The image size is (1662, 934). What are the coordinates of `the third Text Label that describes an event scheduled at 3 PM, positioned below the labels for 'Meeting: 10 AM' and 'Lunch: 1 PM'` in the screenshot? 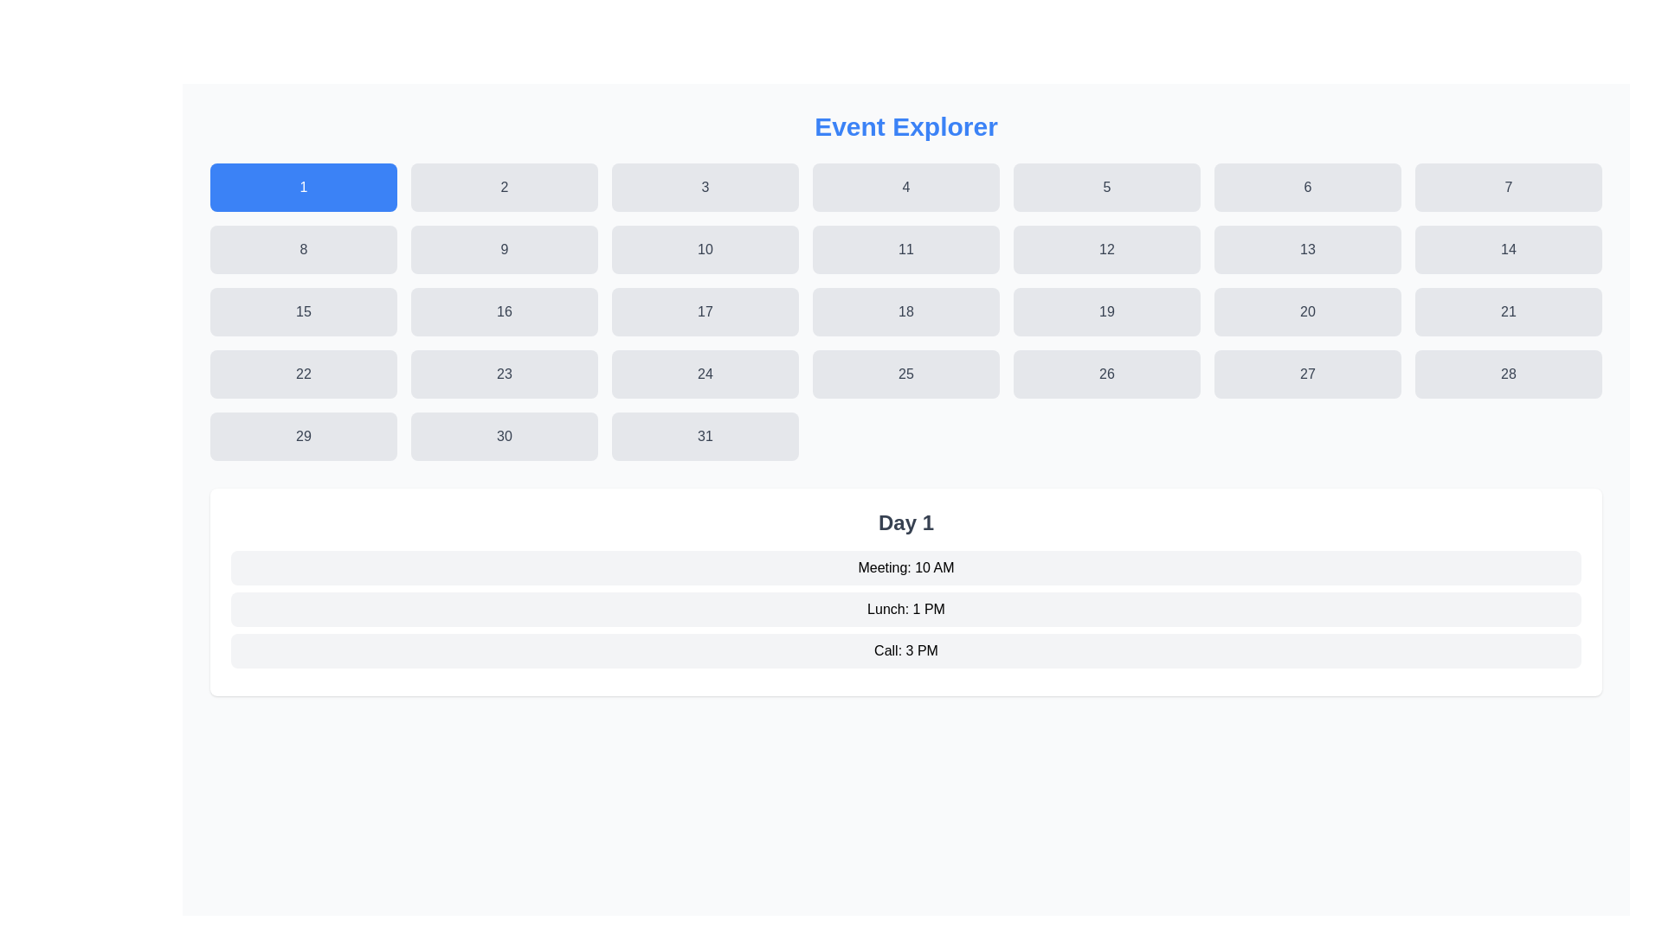 It's located at (905, 650).